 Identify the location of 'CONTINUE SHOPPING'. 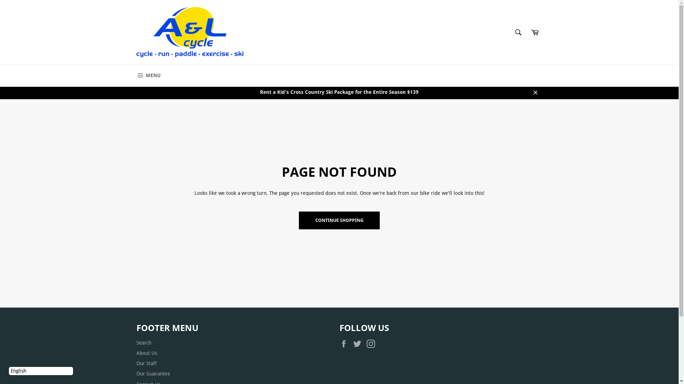
(339, 220).